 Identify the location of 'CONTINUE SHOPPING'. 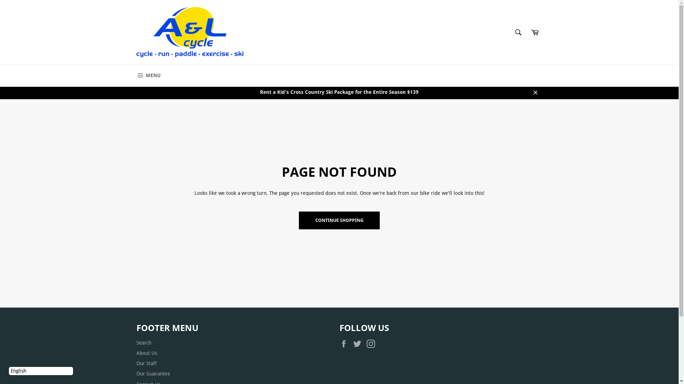
(339, 220).